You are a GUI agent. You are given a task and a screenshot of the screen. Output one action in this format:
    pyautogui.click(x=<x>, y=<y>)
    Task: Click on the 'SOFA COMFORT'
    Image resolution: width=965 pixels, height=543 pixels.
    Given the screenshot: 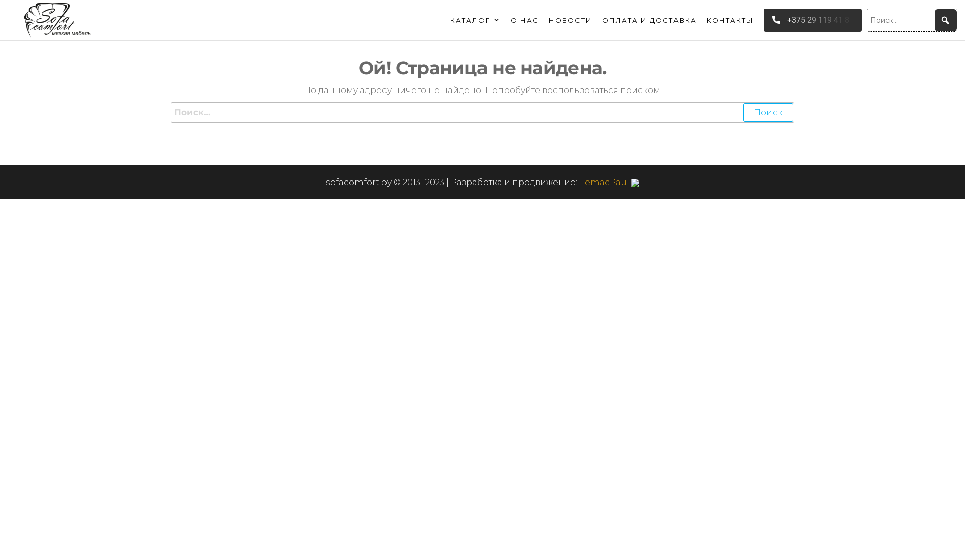 What is the action you would take?
    pyautogui.click(x=151, y=36)
    